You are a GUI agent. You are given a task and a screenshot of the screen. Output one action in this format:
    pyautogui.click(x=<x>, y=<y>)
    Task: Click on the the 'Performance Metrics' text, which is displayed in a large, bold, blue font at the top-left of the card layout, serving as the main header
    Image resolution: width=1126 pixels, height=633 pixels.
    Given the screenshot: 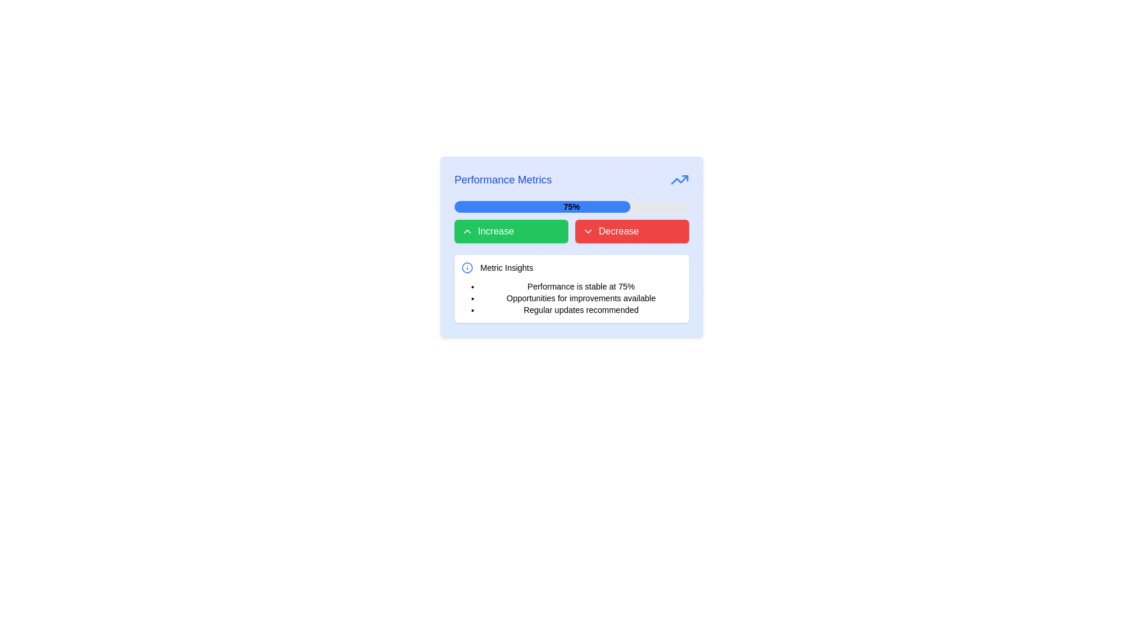 What is the action you would take?
    pyautogui.click(x=503, y=180)
    